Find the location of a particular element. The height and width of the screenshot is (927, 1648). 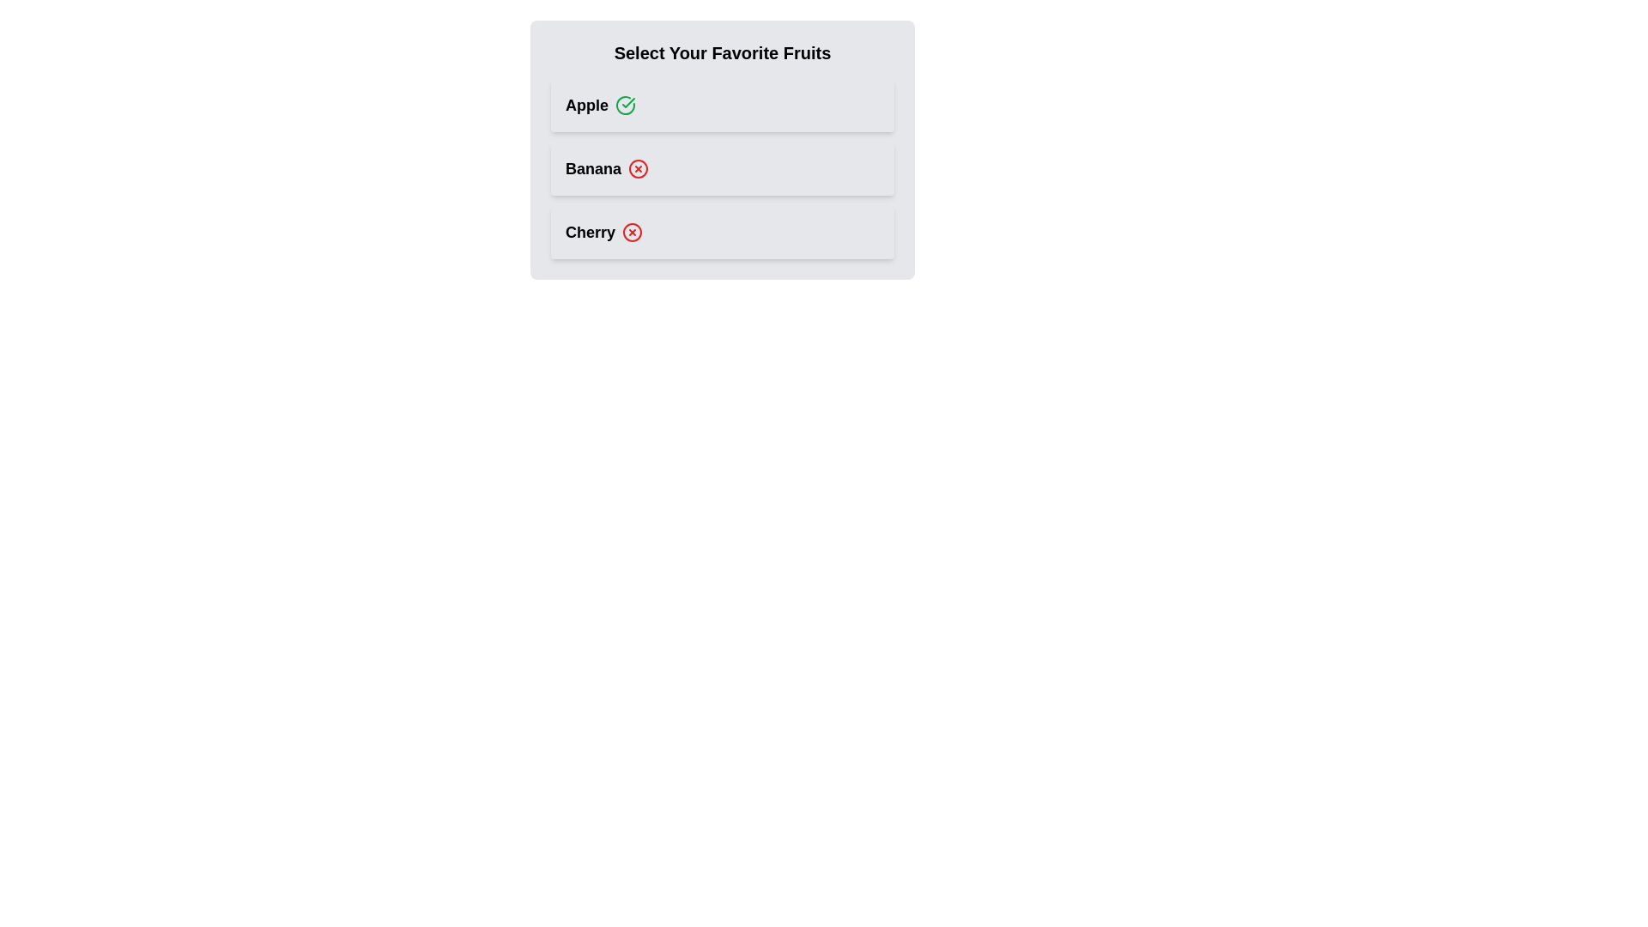

the chip labeled Apple is located at coordinates (722, 106).